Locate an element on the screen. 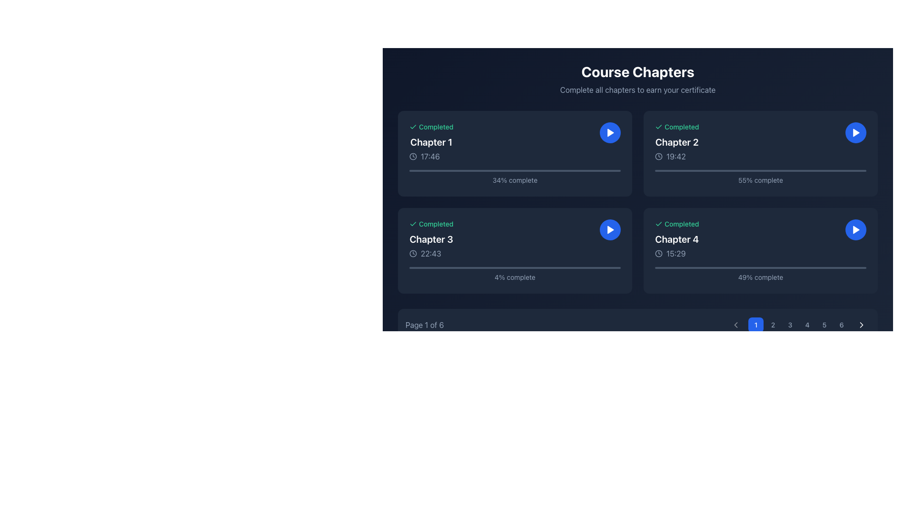 This screenshot has height=514, width=914. the text label displaying '55% complete', which is styled in a small font size and grayish color, located below the horizontal progress bar within the 'Chapter 2' card is located at coordinates (760, 180).